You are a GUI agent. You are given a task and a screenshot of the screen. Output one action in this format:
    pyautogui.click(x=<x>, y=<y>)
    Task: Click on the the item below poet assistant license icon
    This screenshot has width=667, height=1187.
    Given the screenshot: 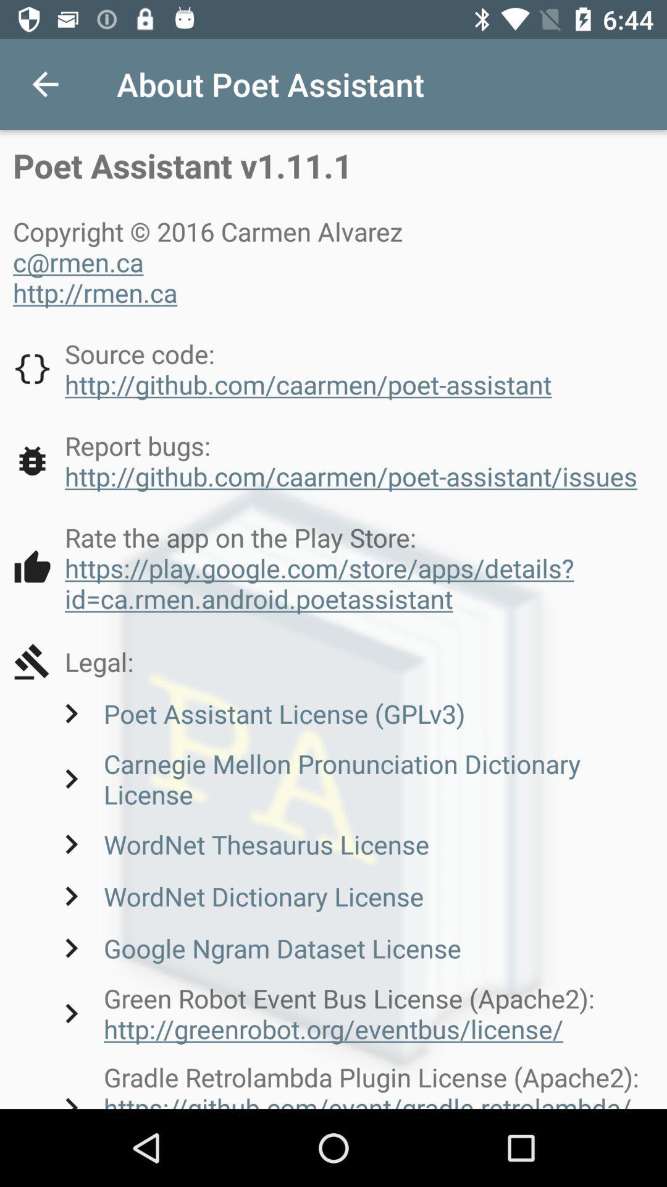 What is the action you would take?
    pyautogui.click(x=353, y=778)
    